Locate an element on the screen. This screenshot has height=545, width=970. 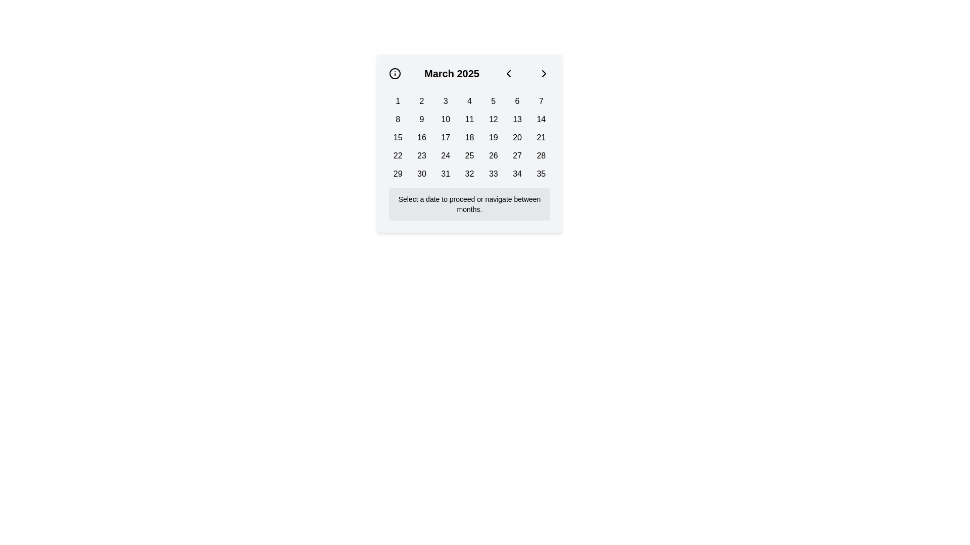
the square-shaped button with the number '7' in black text on a white background located in the upper-right corner of the first row in the calendar grid is located at coordinates (541, 101).